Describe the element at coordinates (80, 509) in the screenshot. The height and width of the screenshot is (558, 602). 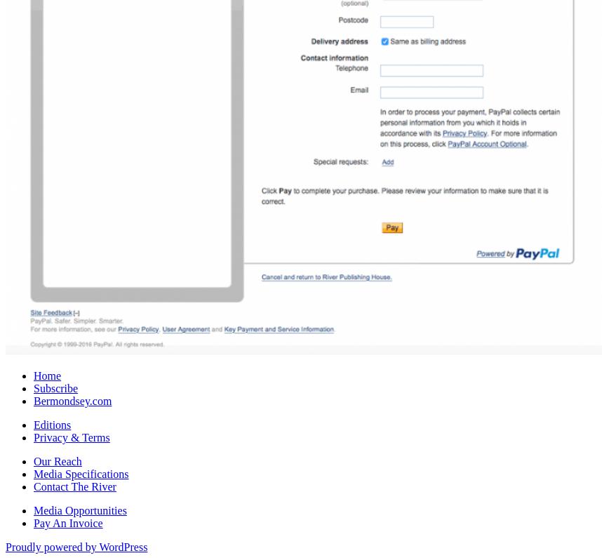
I see `'Media Opportunities'` at that location.